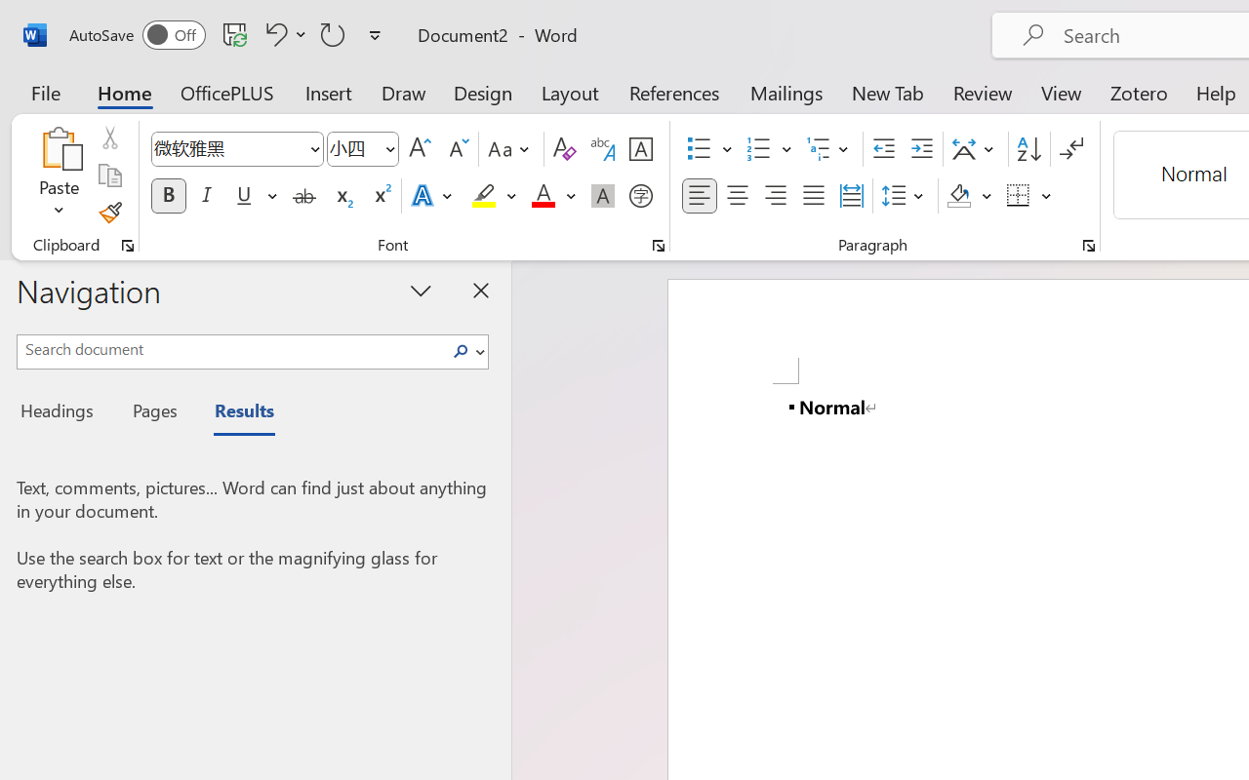  Describe the element at coordinates (640, 149) in the screenshot. I see `'Character Border'` at that location.